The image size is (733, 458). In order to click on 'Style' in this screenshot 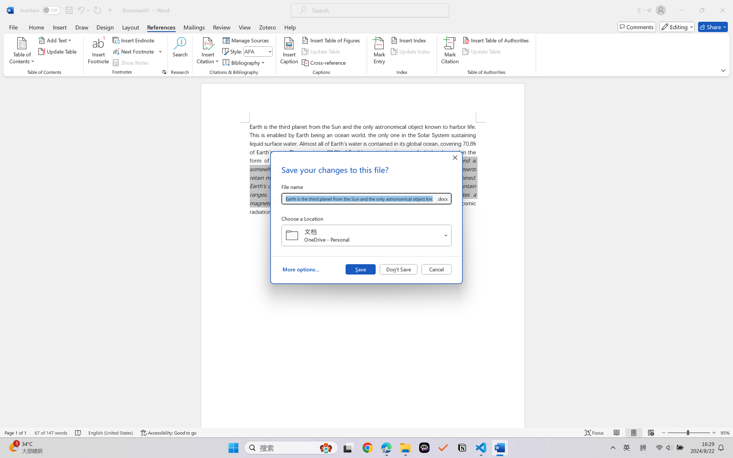, I will do `click(258, 51)`.